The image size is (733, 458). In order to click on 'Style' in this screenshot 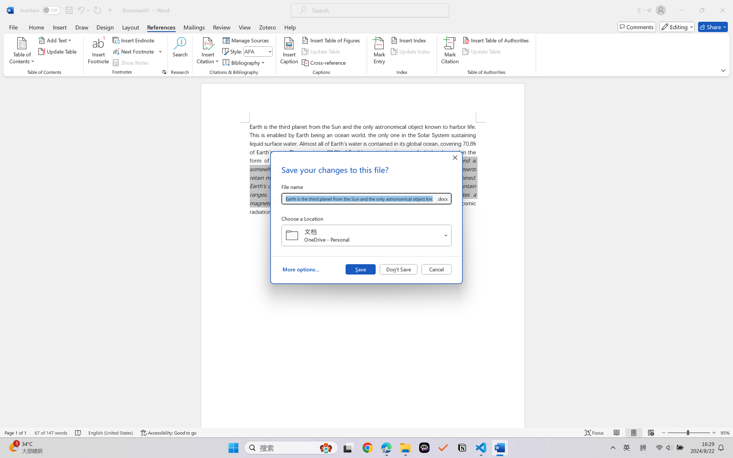, I will do `click(258, 51)`.